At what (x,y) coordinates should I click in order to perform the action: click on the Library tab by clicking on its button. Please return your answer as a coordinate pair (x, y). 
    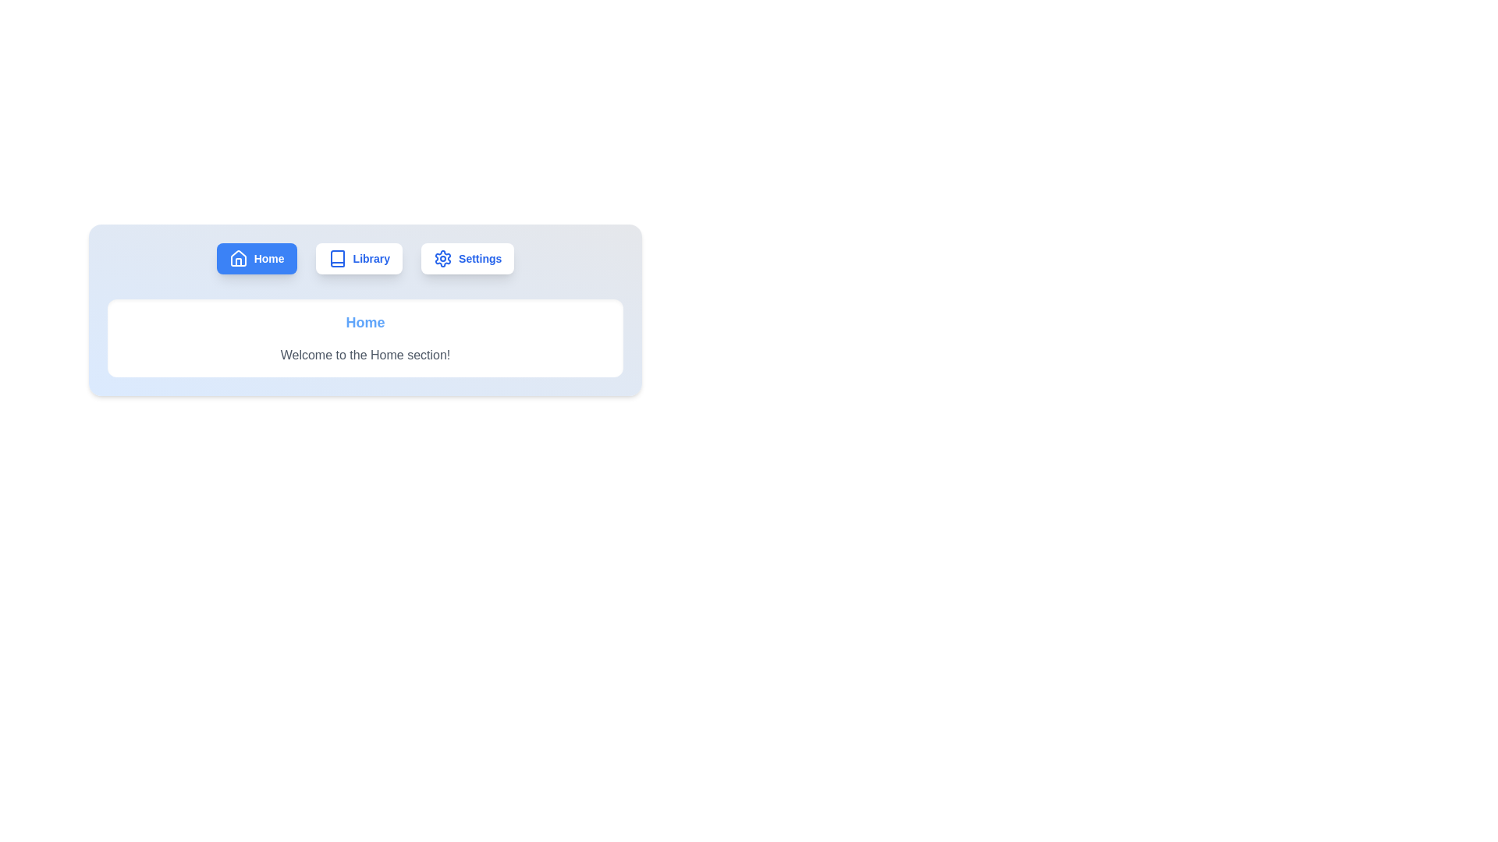
    Looking at the image, I should click on (358, 257).